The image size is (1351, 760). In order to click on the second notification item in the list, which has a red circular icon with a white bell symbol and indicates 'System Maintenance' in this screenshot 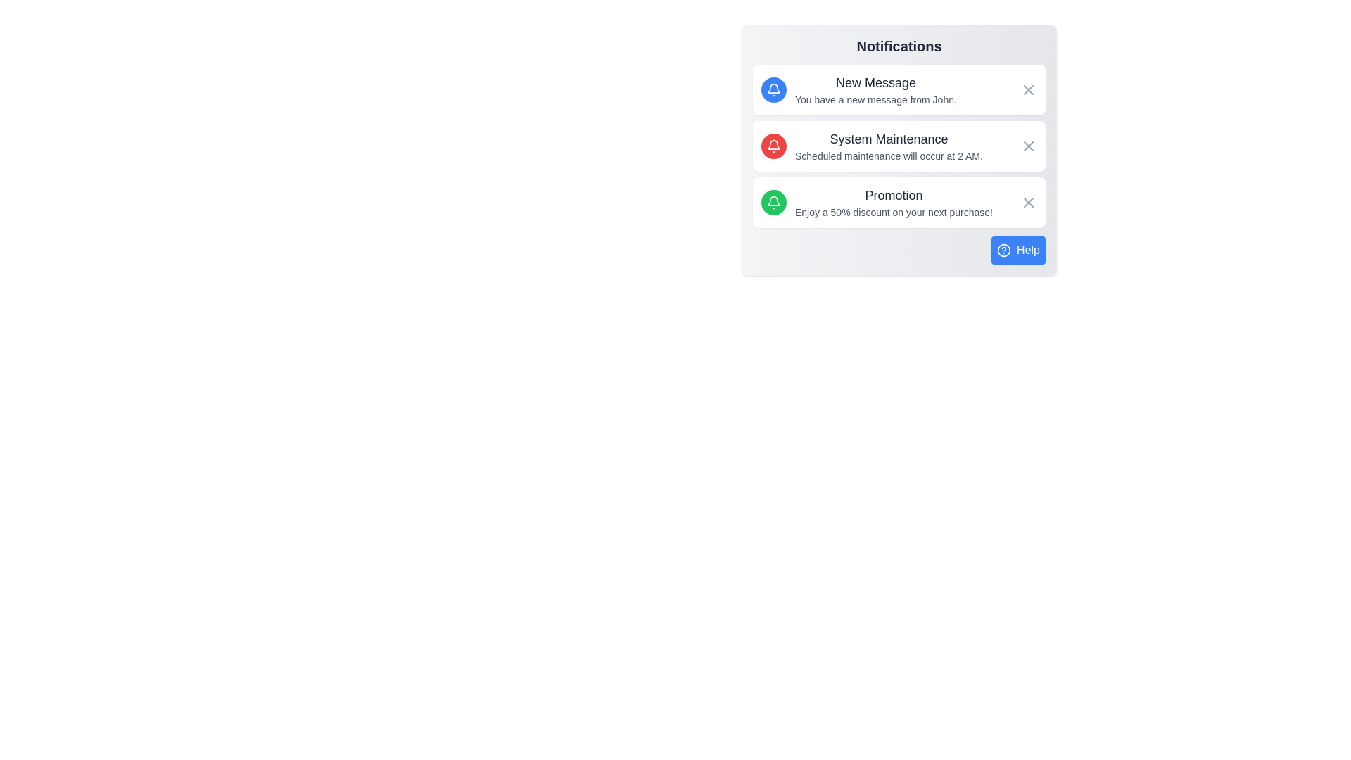, I will do `click(871, 146)`.